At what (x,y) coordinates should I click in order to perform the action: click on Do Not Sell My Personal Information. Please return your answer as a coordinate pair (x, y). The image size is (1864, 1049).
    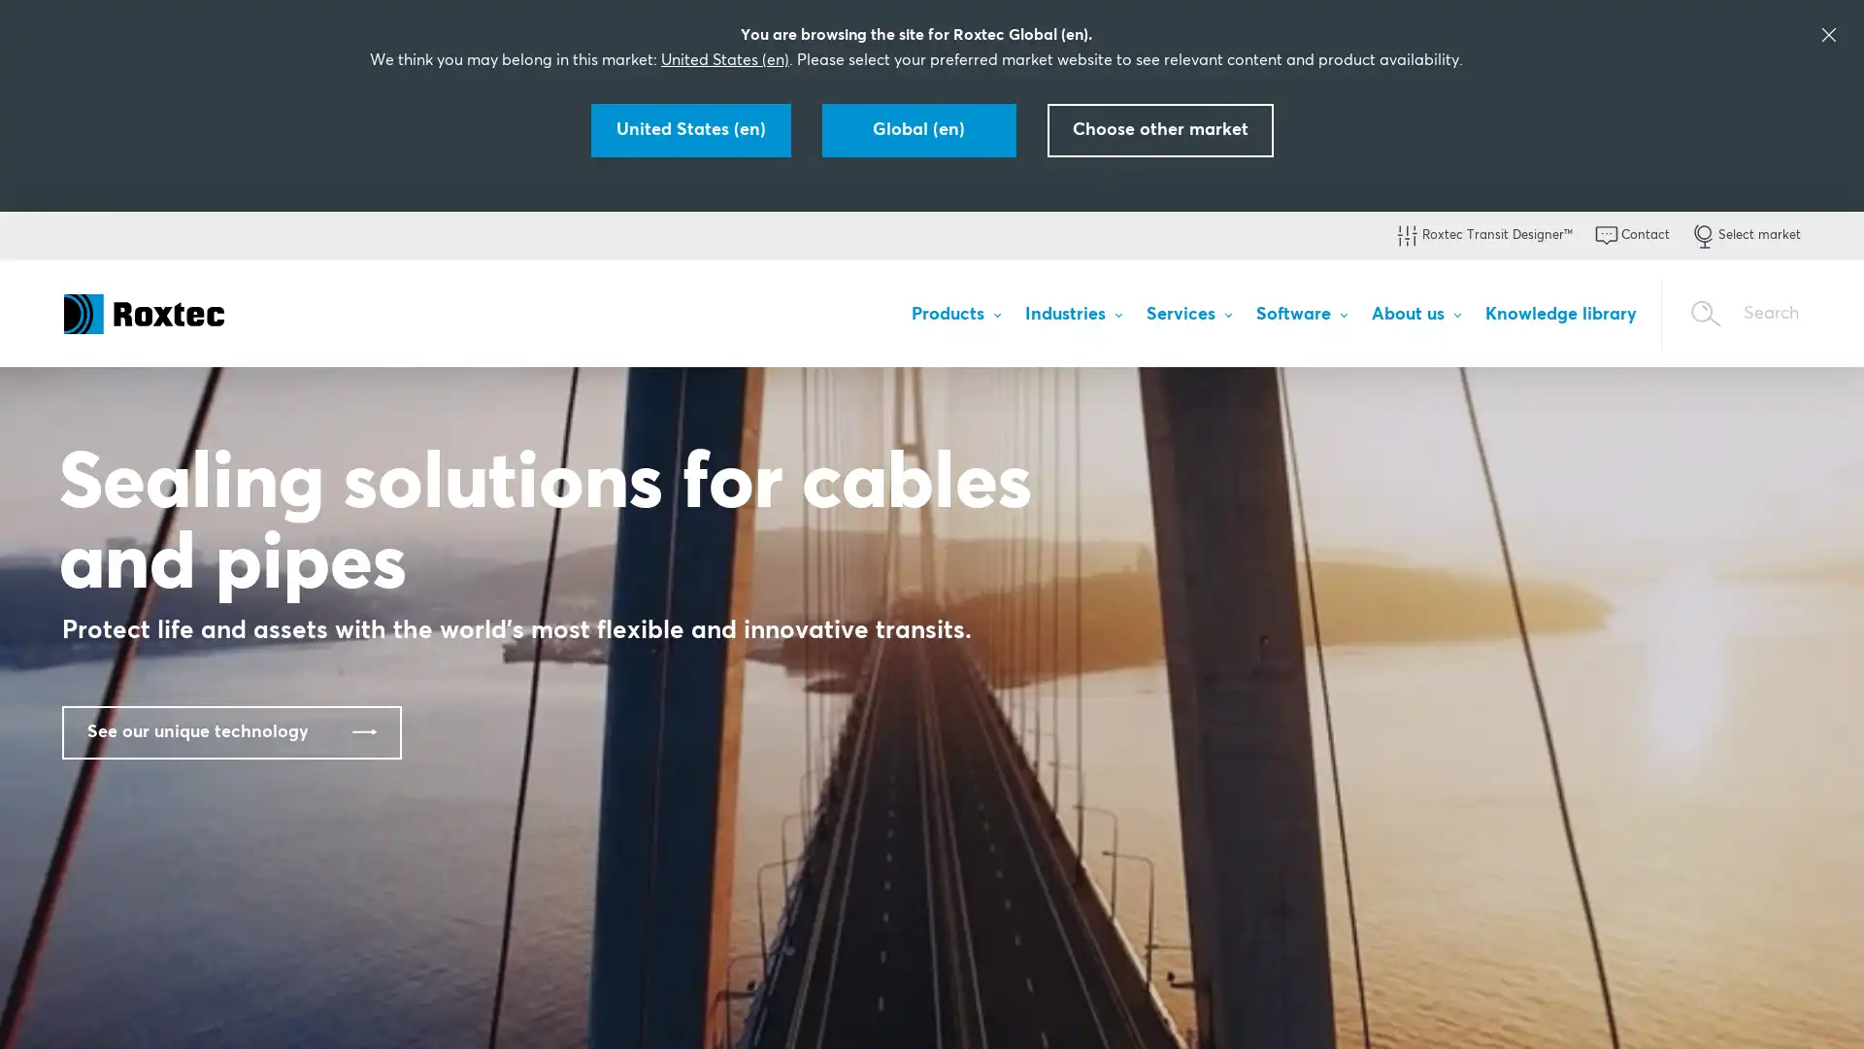
    Looking at the image, I should click on (1358, 1006).